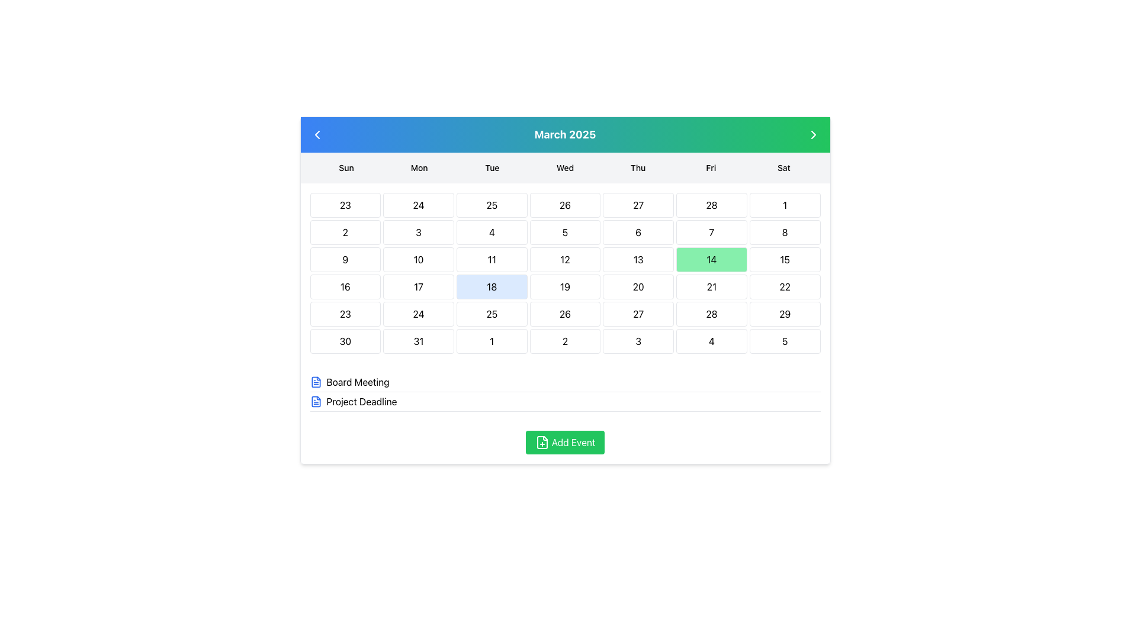  I want to click on the Calendar Day Cell representing the 18th day of March 2025, so click(492, 287).